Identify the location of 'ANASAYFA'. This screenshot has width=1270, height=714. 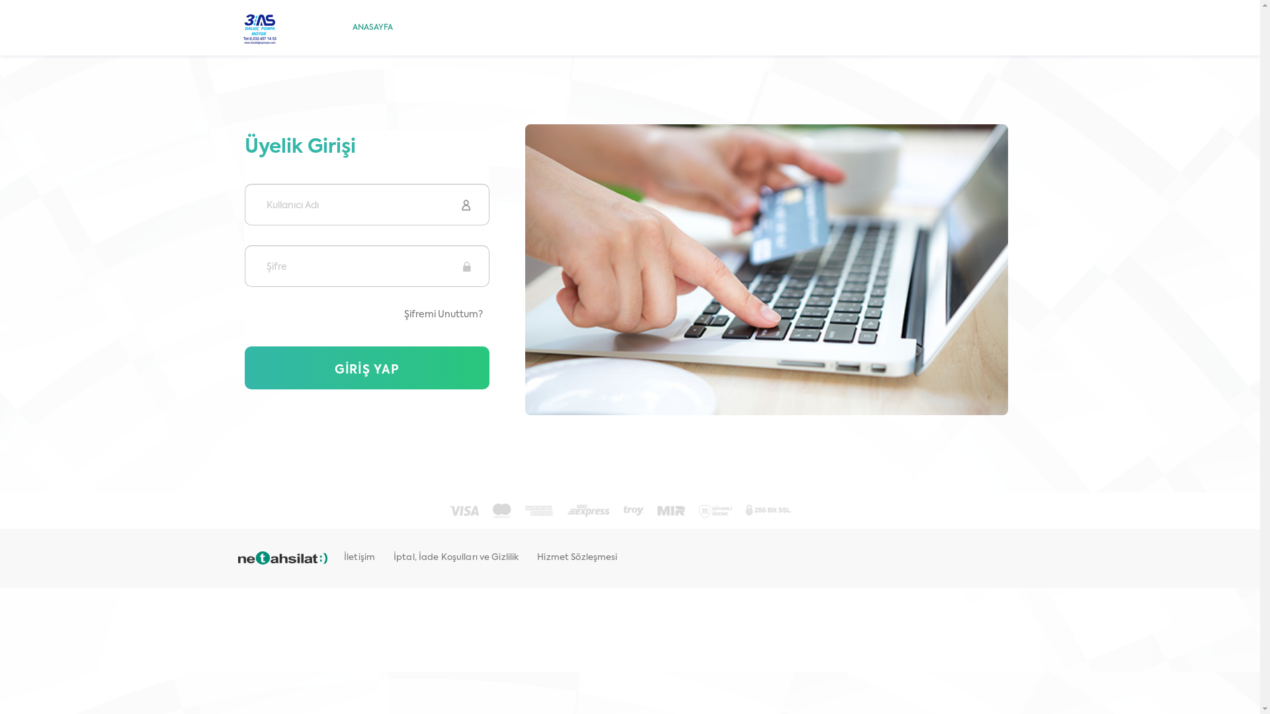
(372, 28).